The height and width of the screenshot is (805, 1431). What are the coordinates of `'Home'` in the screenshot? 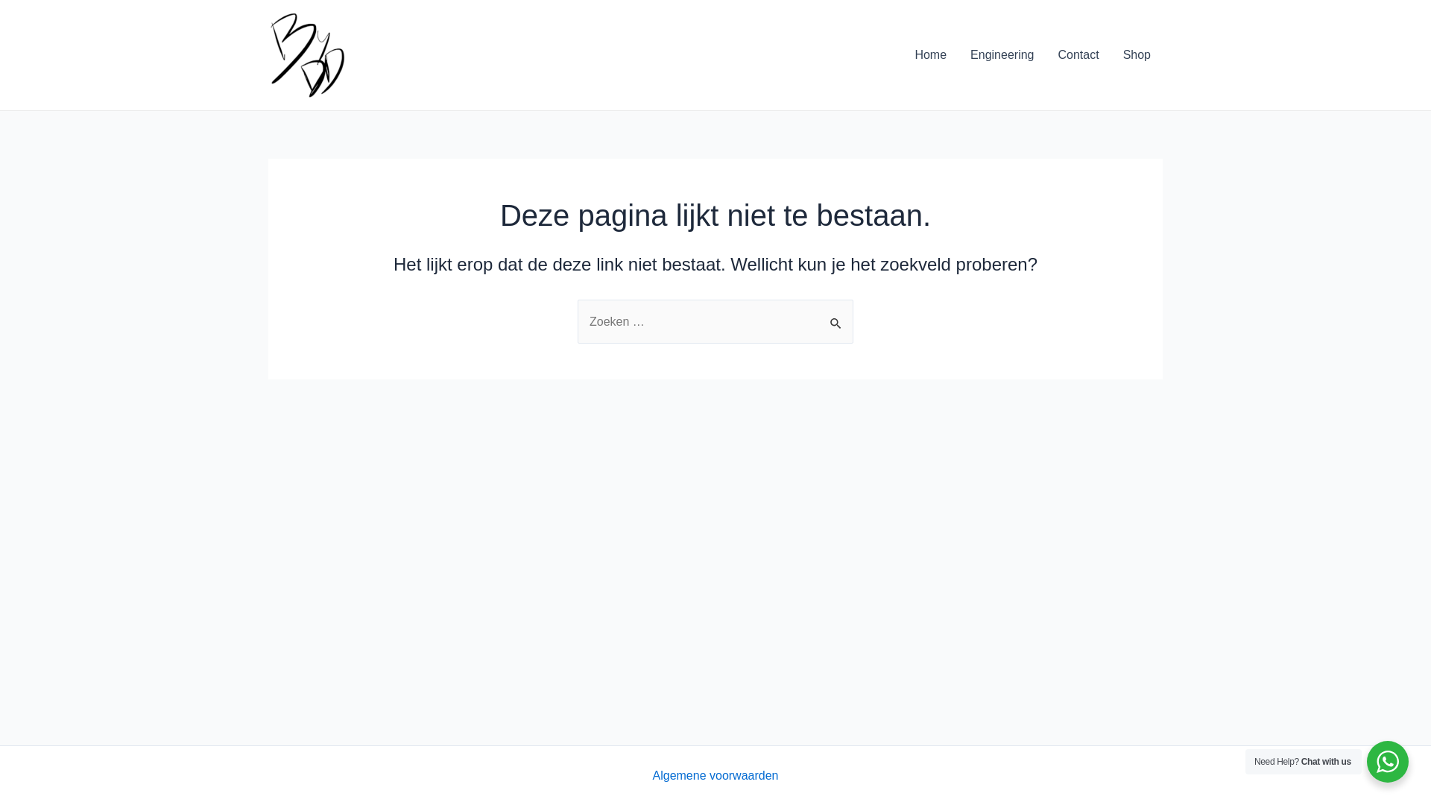 It's located at (929, 54).